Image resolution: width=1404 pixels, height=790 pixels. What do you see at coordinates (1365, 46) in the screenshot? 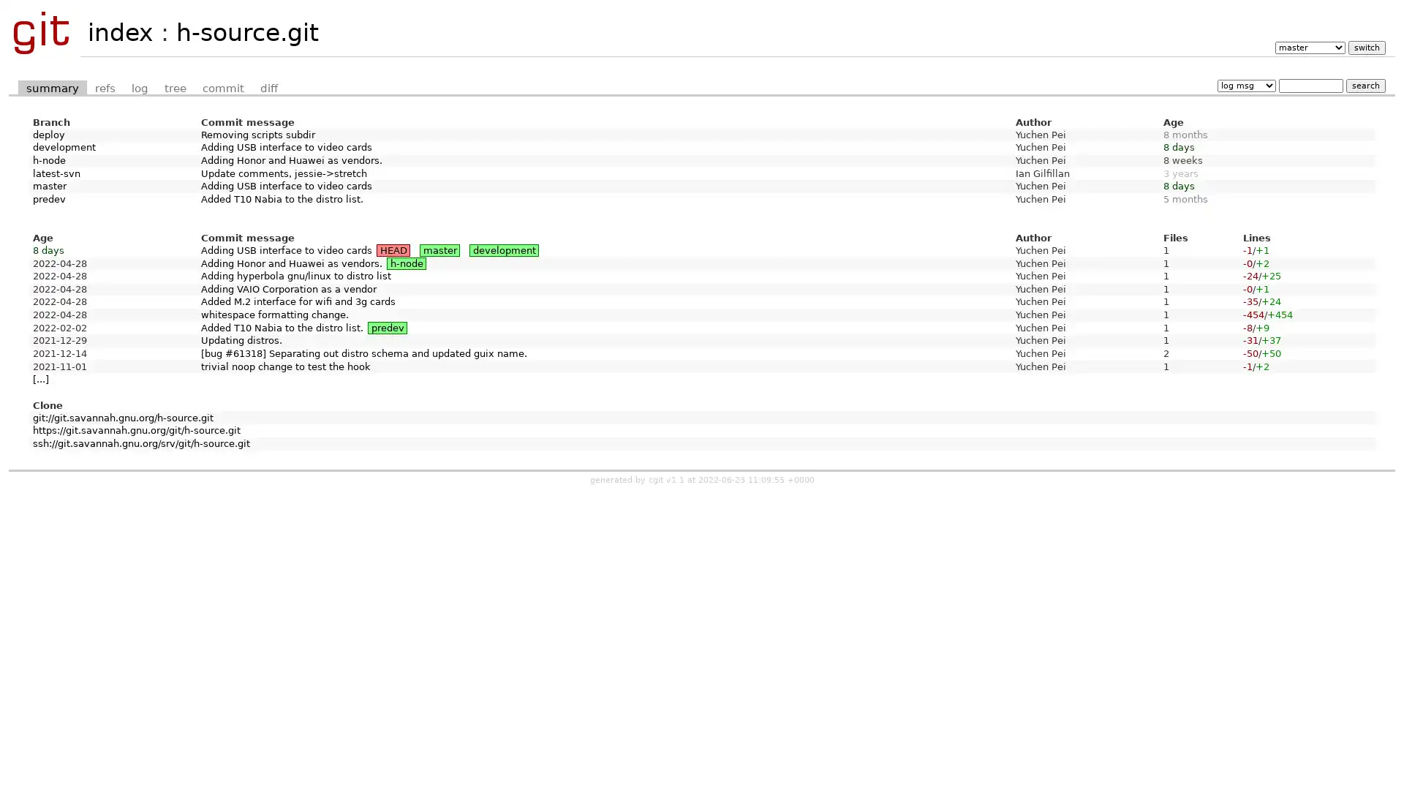
I see `switch` at bounding box center [1365, 46].